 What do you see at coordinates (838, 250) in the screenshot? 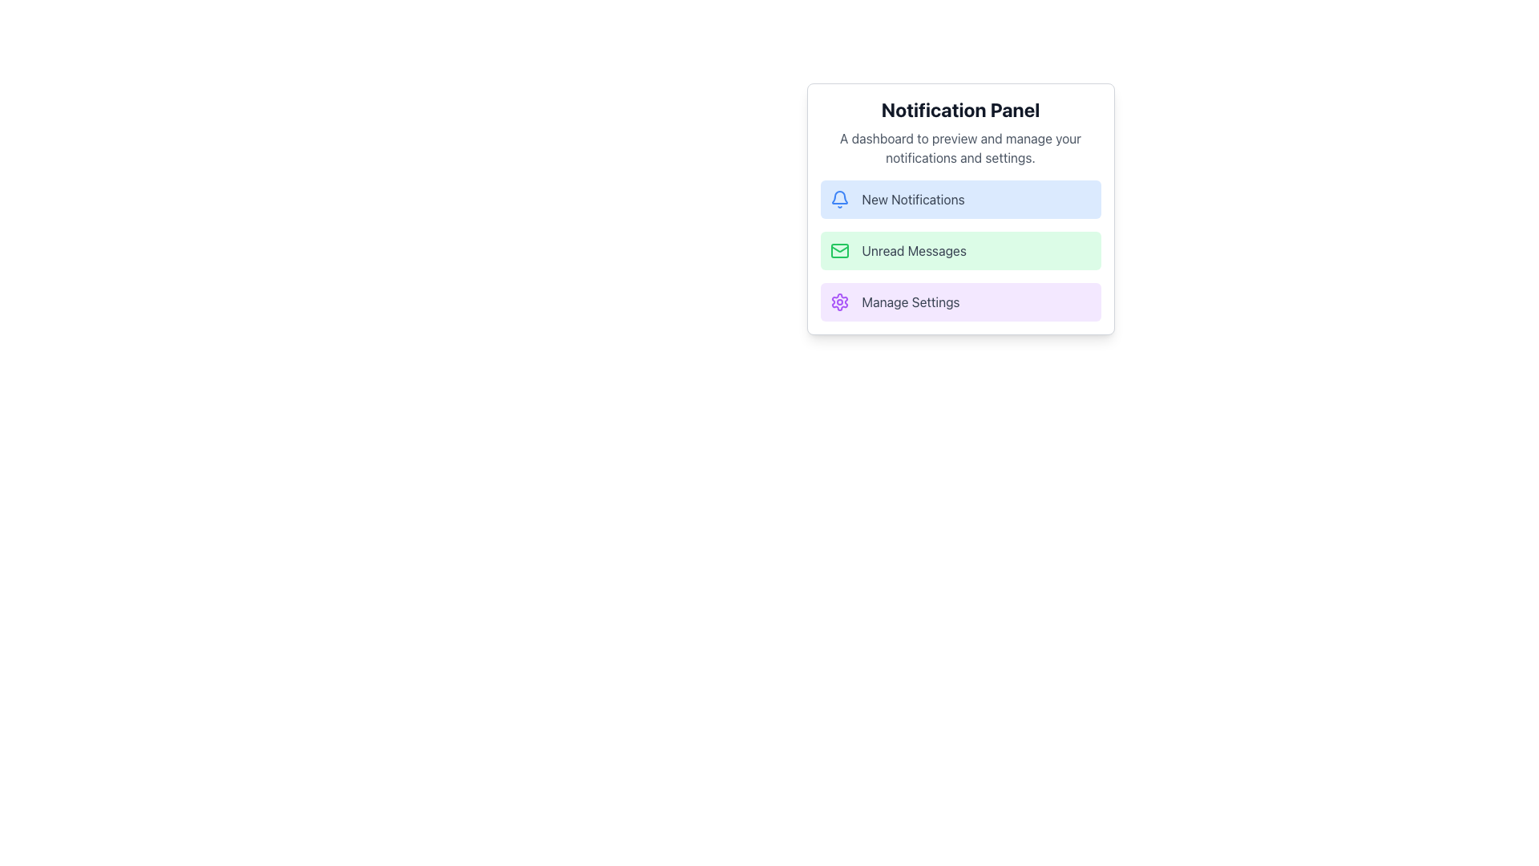
I see `the small green-colored mail envelope icon located adjacent to the text 'Unread Messages' in the green-highlighted section of the notification panel` at bounding box center [838, 250].